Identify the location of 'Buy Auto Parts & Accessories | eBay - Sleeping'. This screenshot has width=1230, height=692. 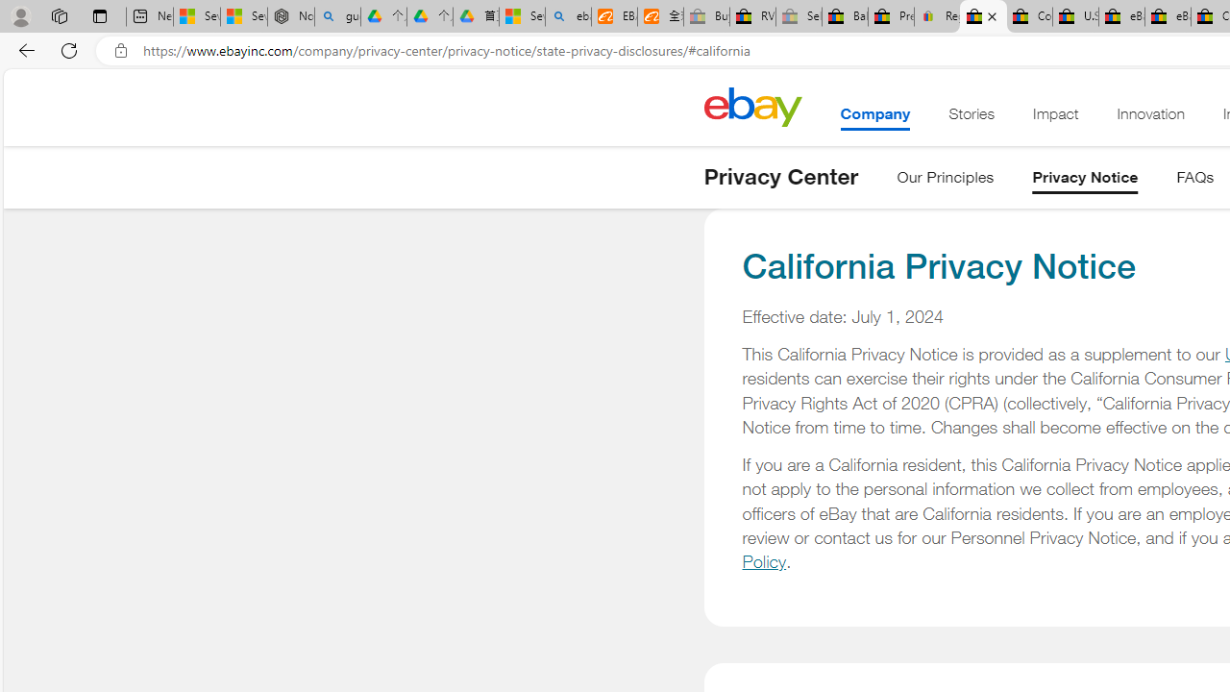
(705, 16).